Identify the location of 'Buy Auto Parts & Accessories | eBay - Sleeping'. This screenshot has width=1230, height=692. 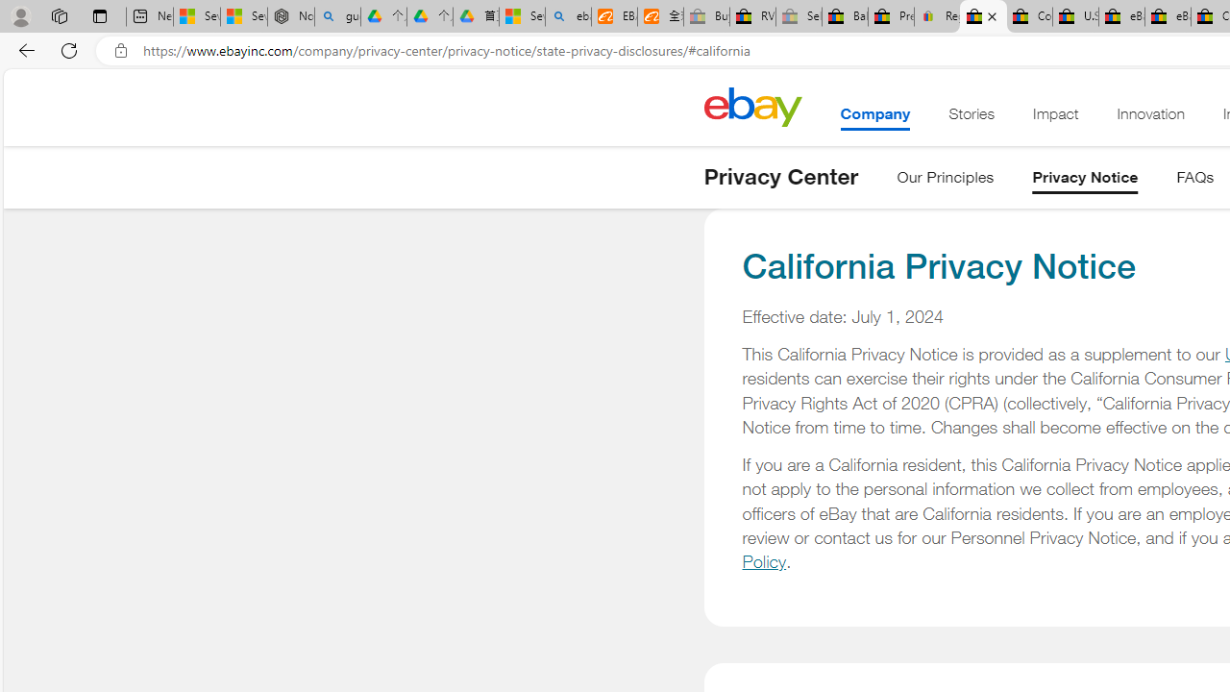
(705, 16).